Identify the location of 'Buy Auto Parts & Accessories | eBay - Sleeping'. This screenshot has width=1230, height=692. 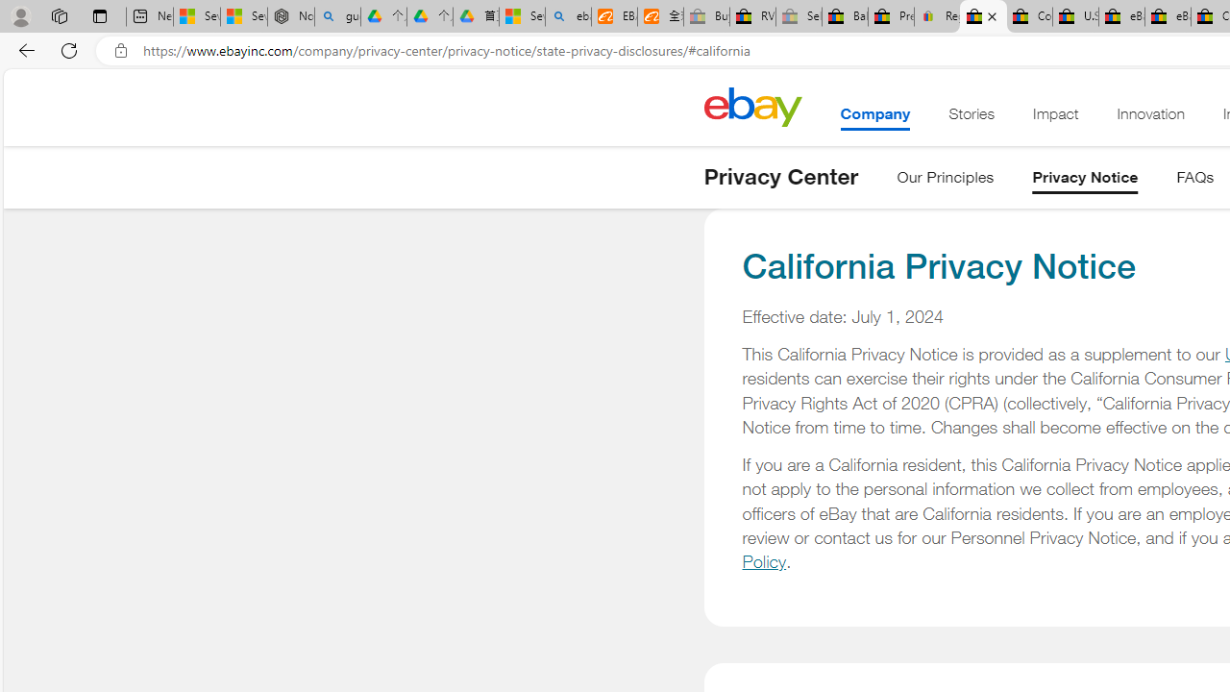
(705, 16).